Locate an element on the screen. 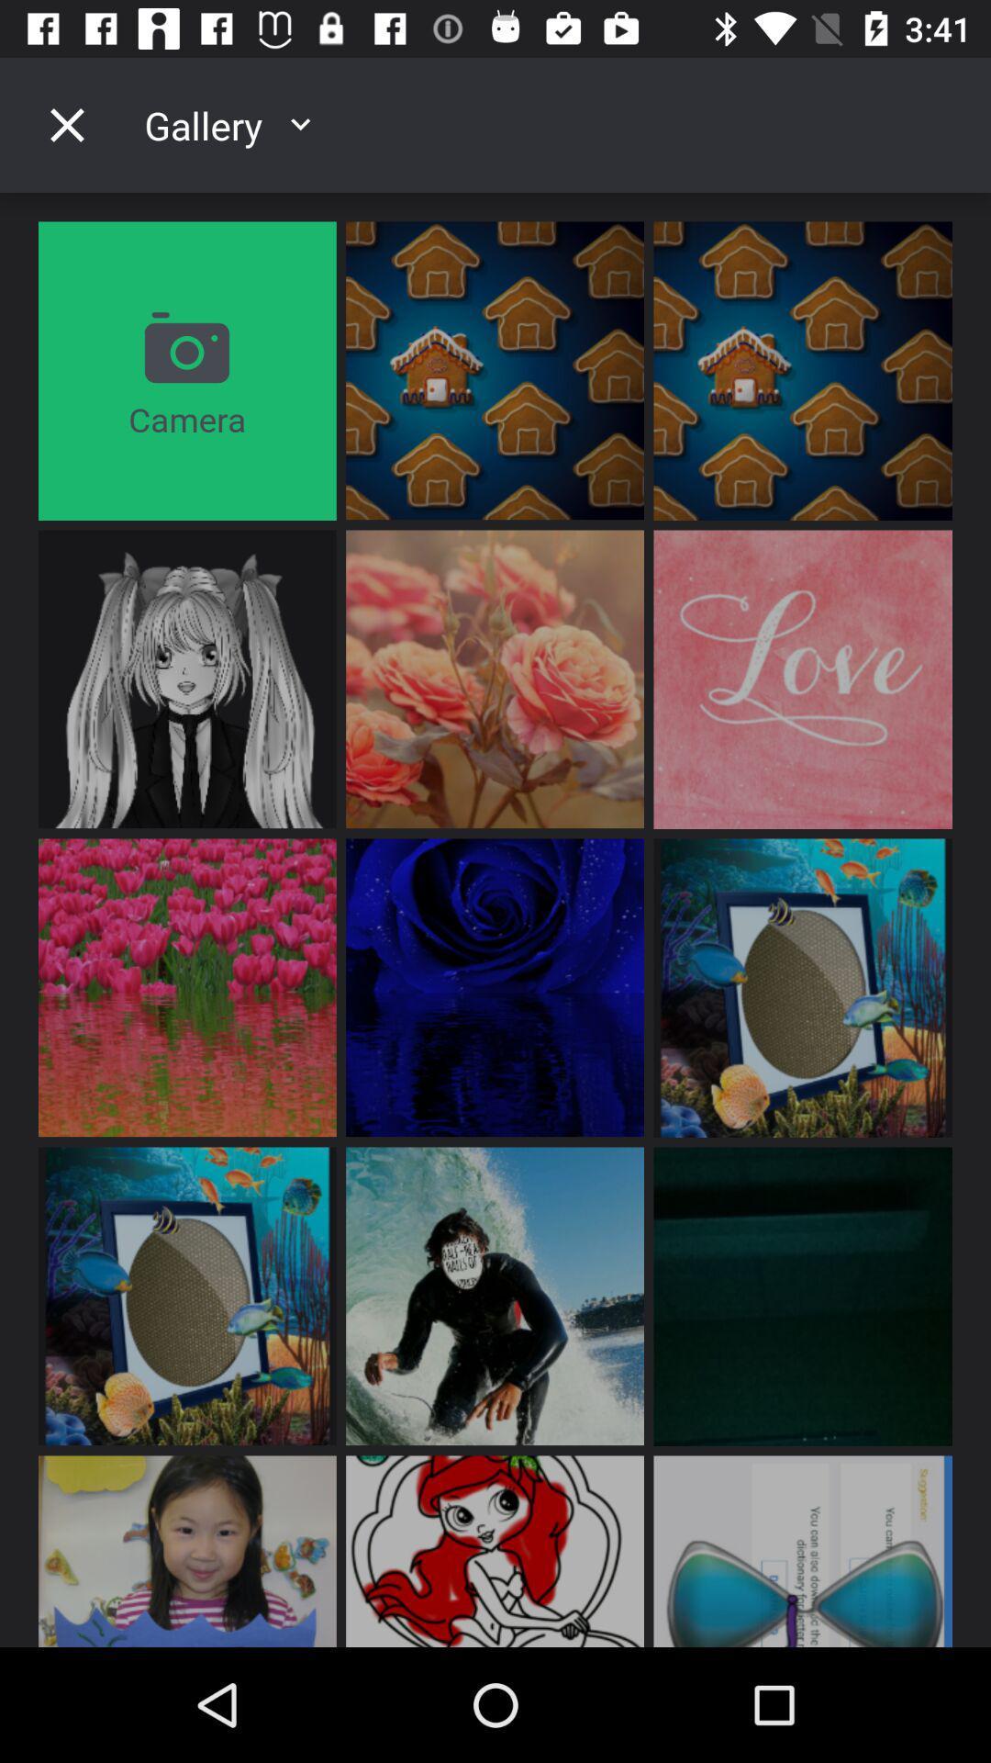 The height and width of the screenshot is (1763, 991). the third image on the which is on the right side of the  fourth vertical of the page is located at coordinates (802, 1296).